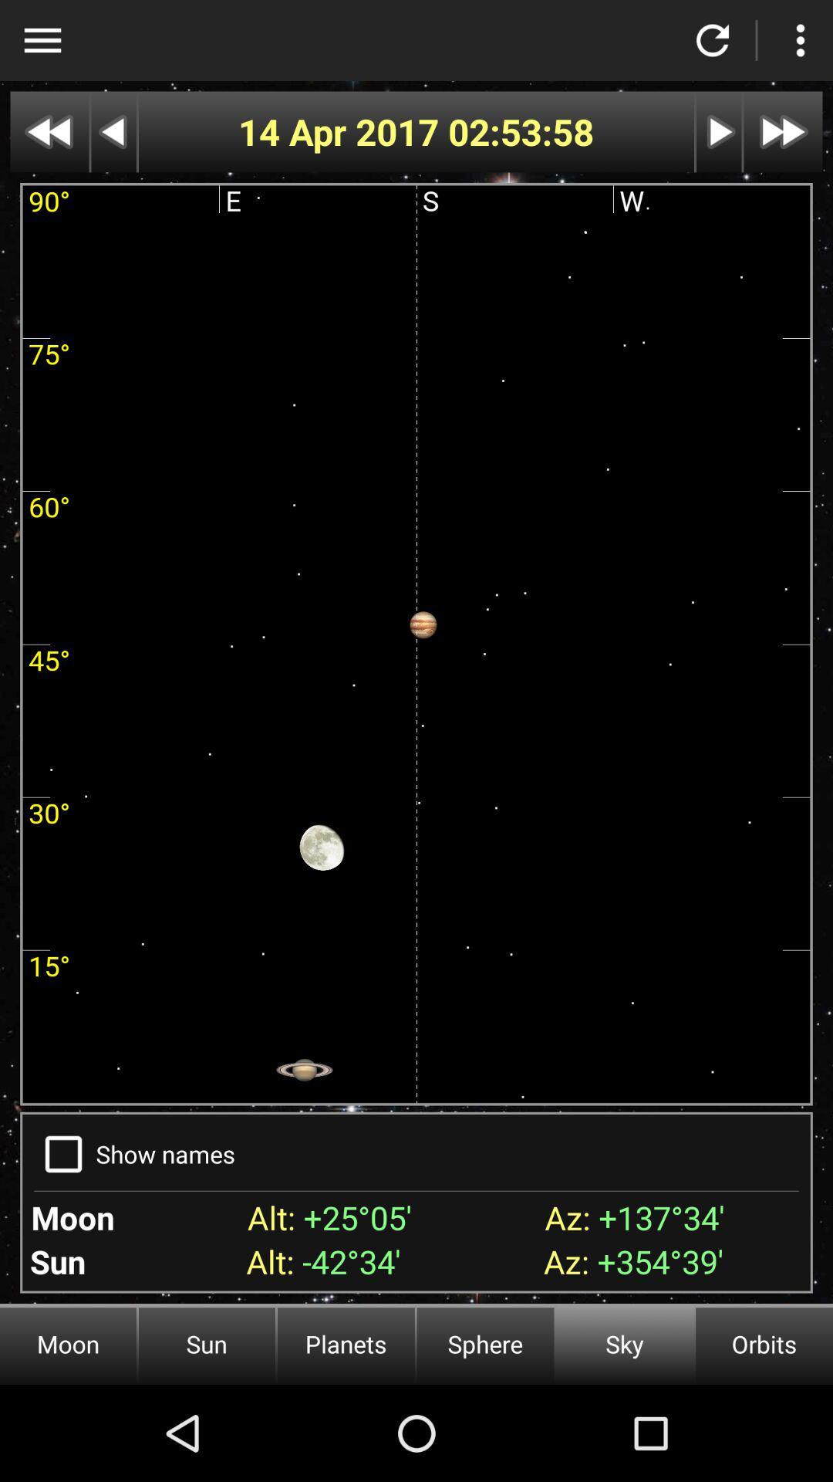 The image size is (833, 1482). What do you see at coordinates (342, 132) in the screenshot?
I see `app to the left of the 02:53:58` at bounding box center [342, 132].